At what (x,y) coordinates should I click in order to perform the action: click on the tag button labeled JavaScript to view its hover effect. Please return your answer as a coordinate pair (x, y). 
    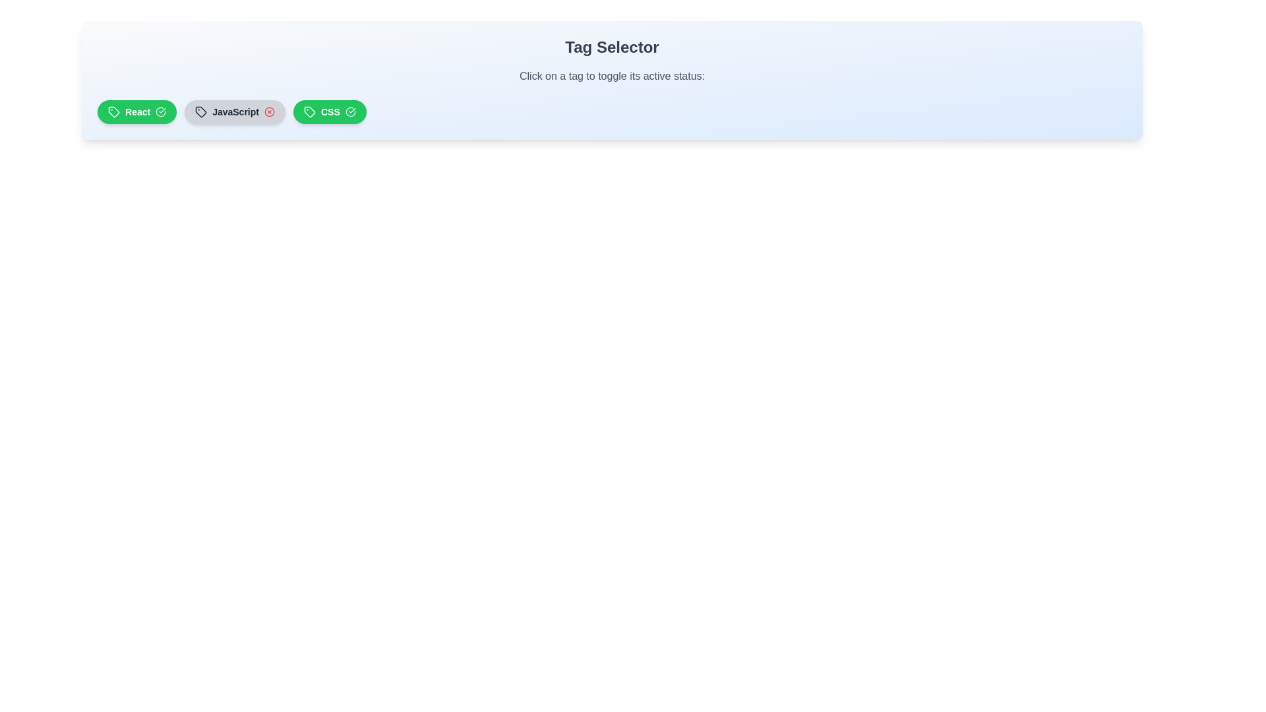
    Looking at the image, I should click on (234, 111).